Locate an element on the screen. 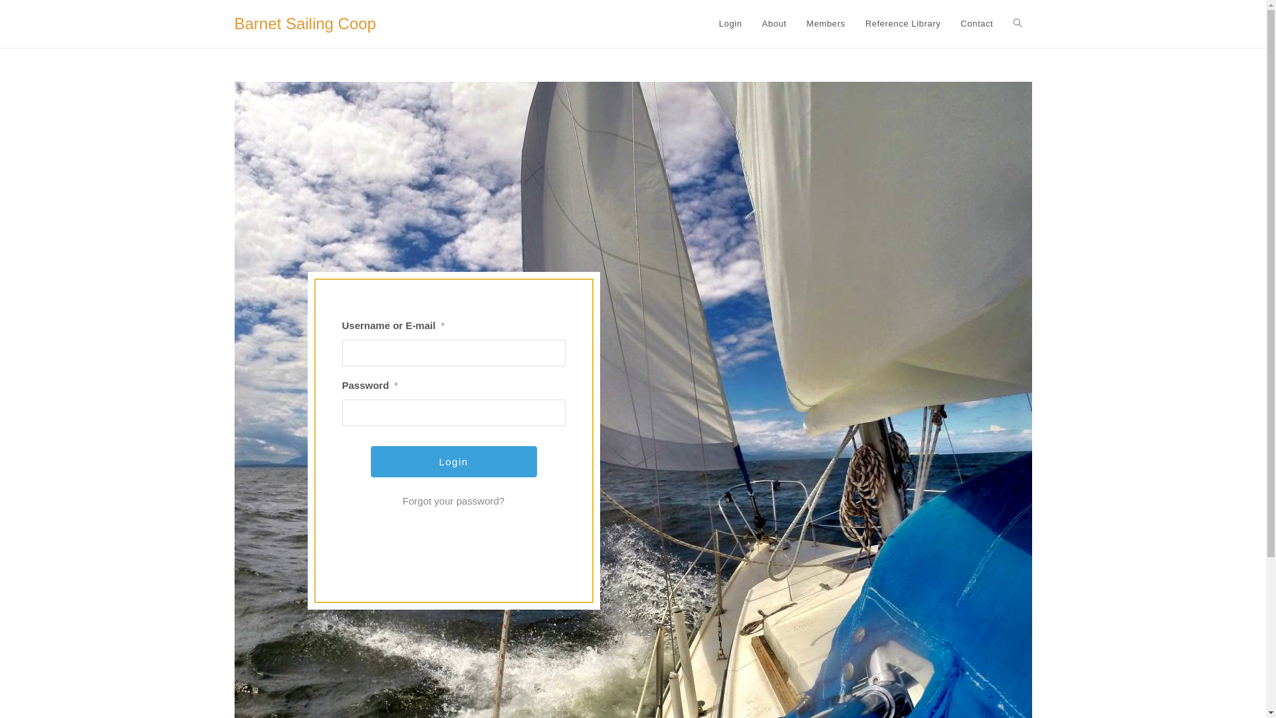  'Login' is located at coordinates (453, 461).